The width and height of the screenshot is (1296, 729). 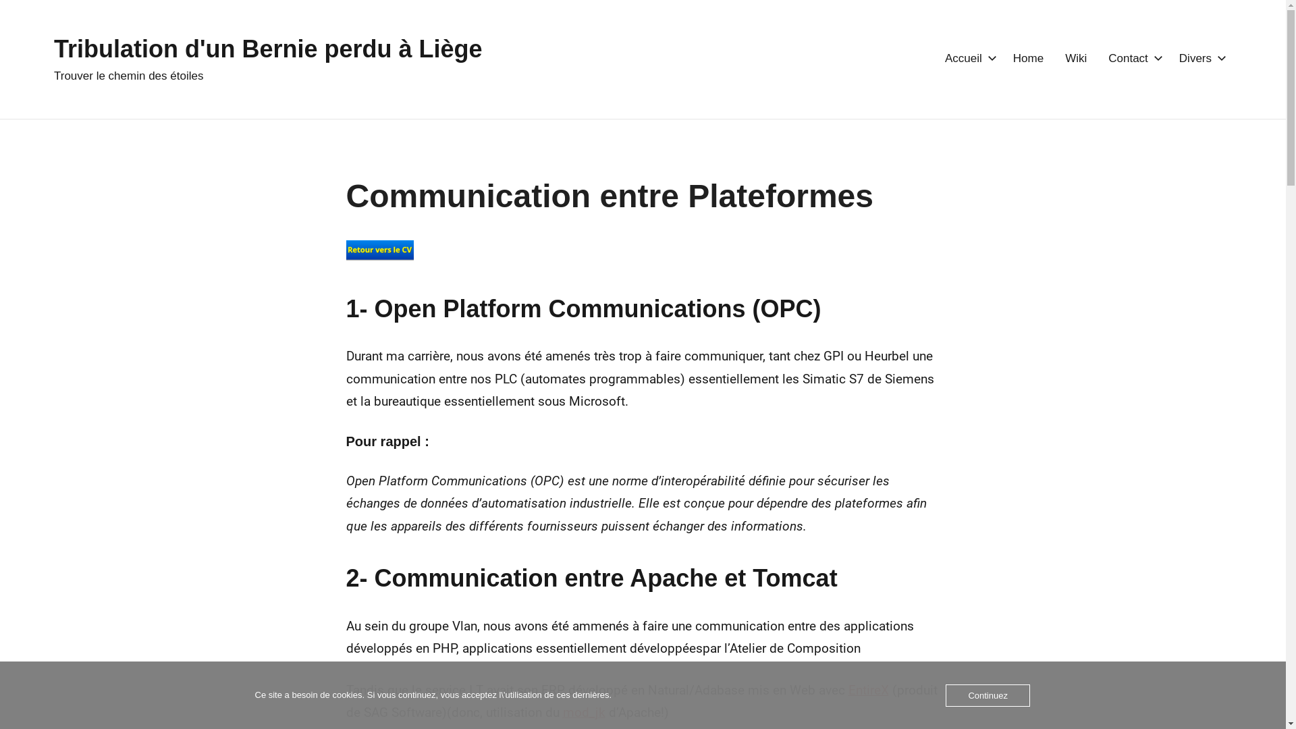 What do you see at coordinates (1199, 58) in the screenshot?
I see `'Divers'` at bounding box center [1199, 58].